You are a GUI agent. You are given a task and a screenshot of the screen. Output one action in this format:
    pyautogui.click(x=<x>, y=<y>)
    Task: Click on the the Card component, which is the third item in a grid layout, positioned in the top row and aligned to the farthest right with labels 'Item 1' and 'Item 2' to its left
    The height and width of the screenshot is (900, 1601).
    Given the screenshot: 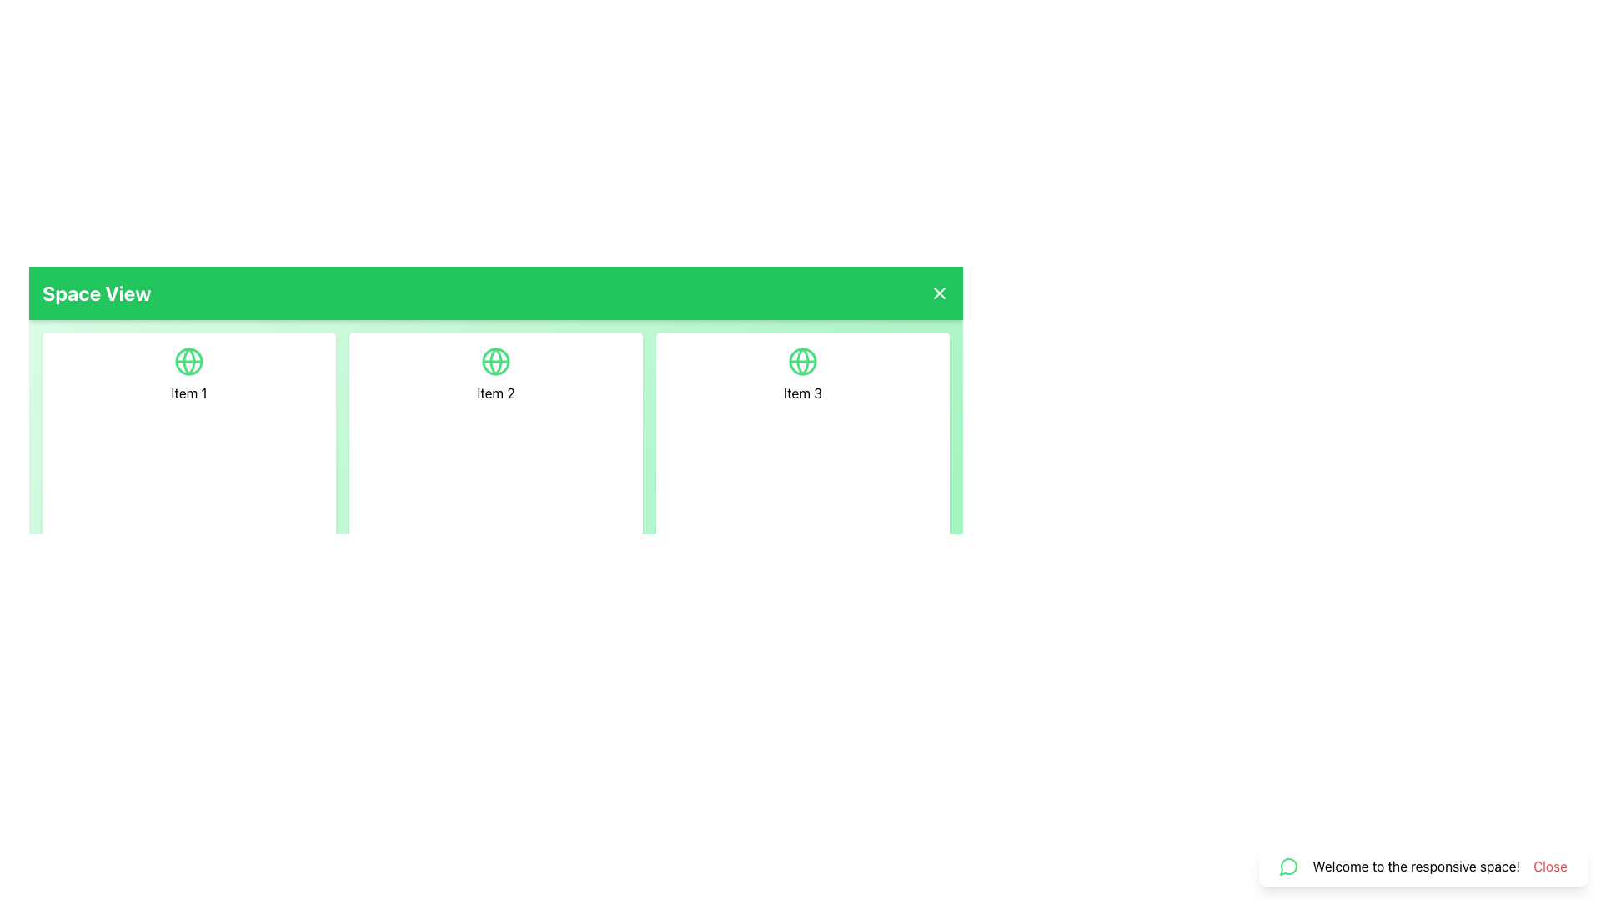 What is the action you would take?
    pyautogui.click(x=803, y=465)
    